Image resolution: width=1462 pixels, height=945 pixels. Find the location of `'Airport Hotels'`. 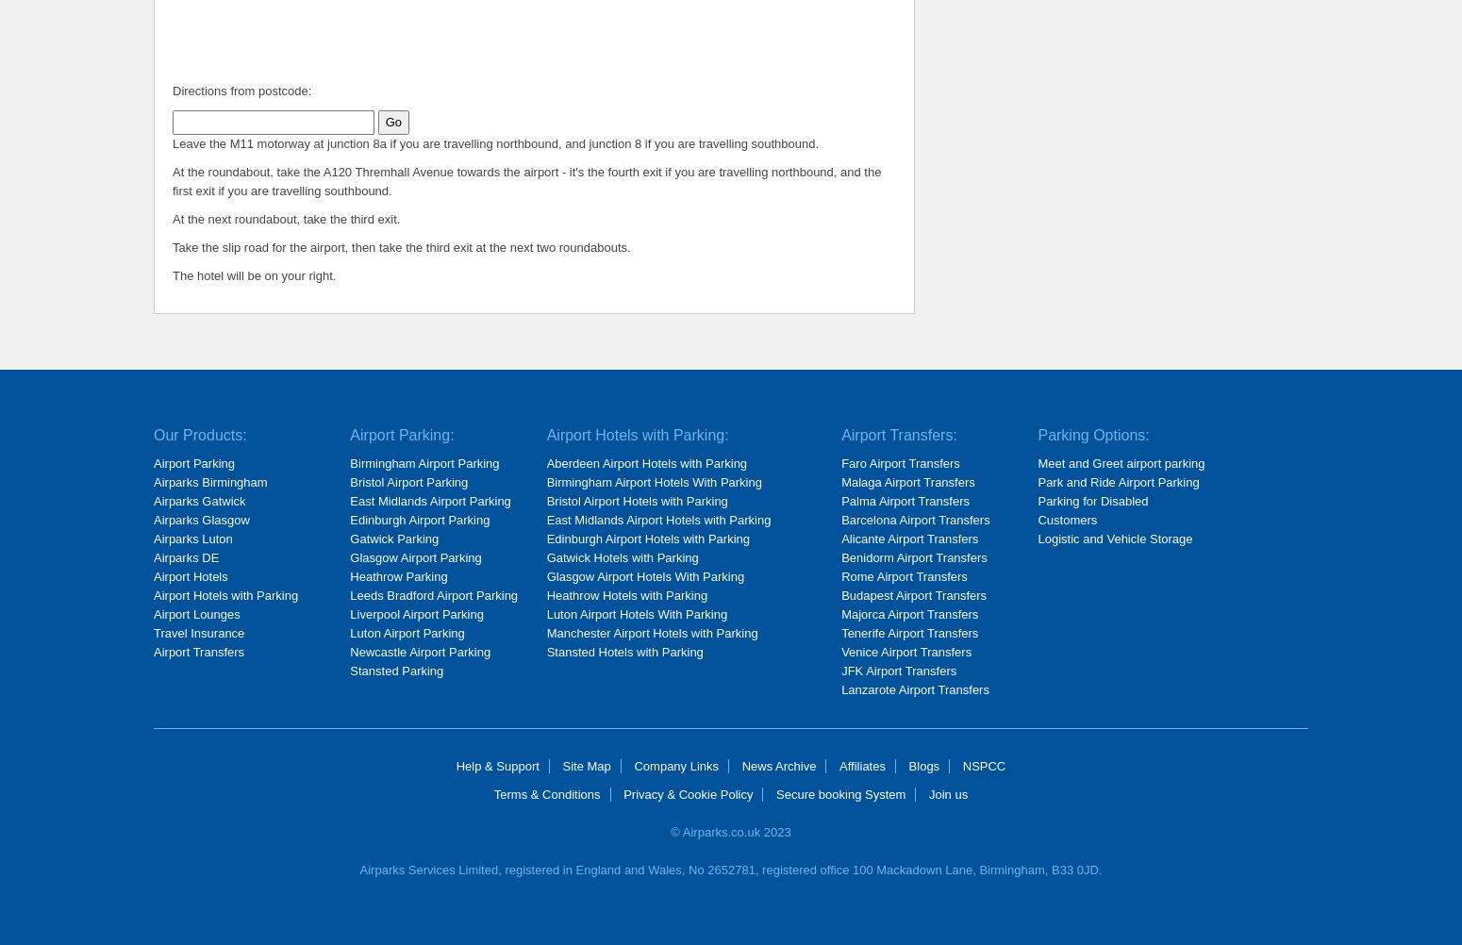

'Airport Hotels' is located at coordinates (189, 575).